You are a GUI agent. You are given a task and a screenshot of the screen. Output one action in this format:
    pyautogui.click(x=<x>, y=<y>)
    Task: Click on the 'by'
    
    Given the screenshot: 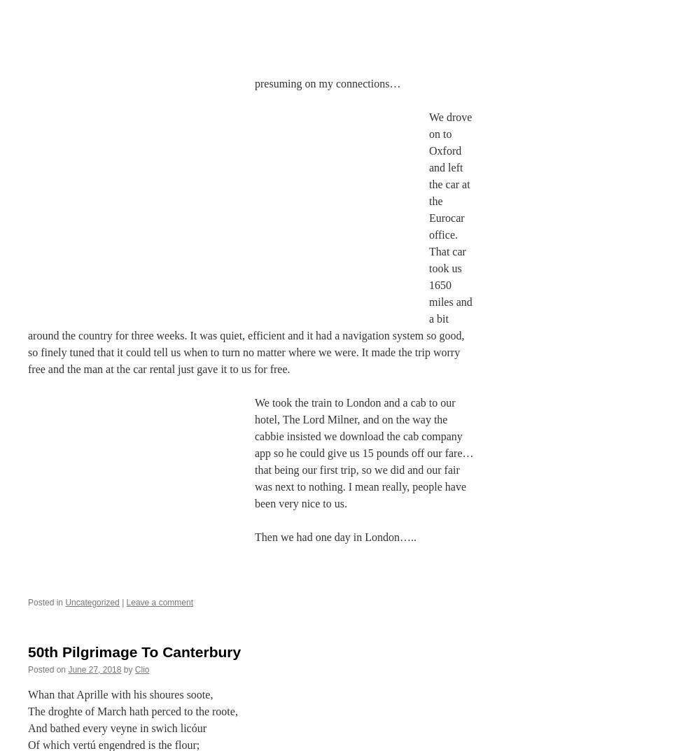 What is the action you would take?
    pyautogui.click(x=127, y=668)
    